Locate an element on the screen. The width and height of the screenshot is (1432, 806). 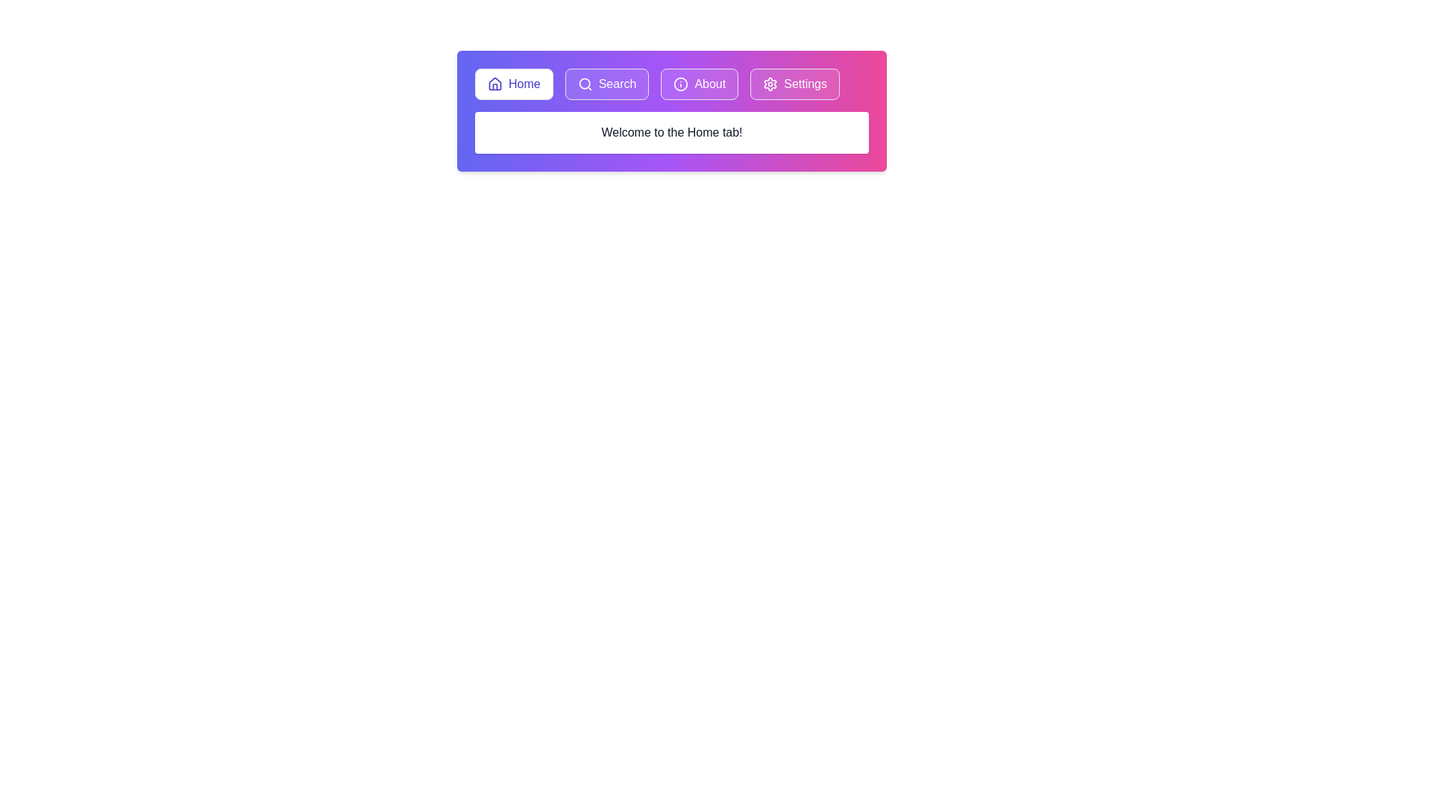
the tab labeled Settings to activate it is located at coordinates (794, 84).